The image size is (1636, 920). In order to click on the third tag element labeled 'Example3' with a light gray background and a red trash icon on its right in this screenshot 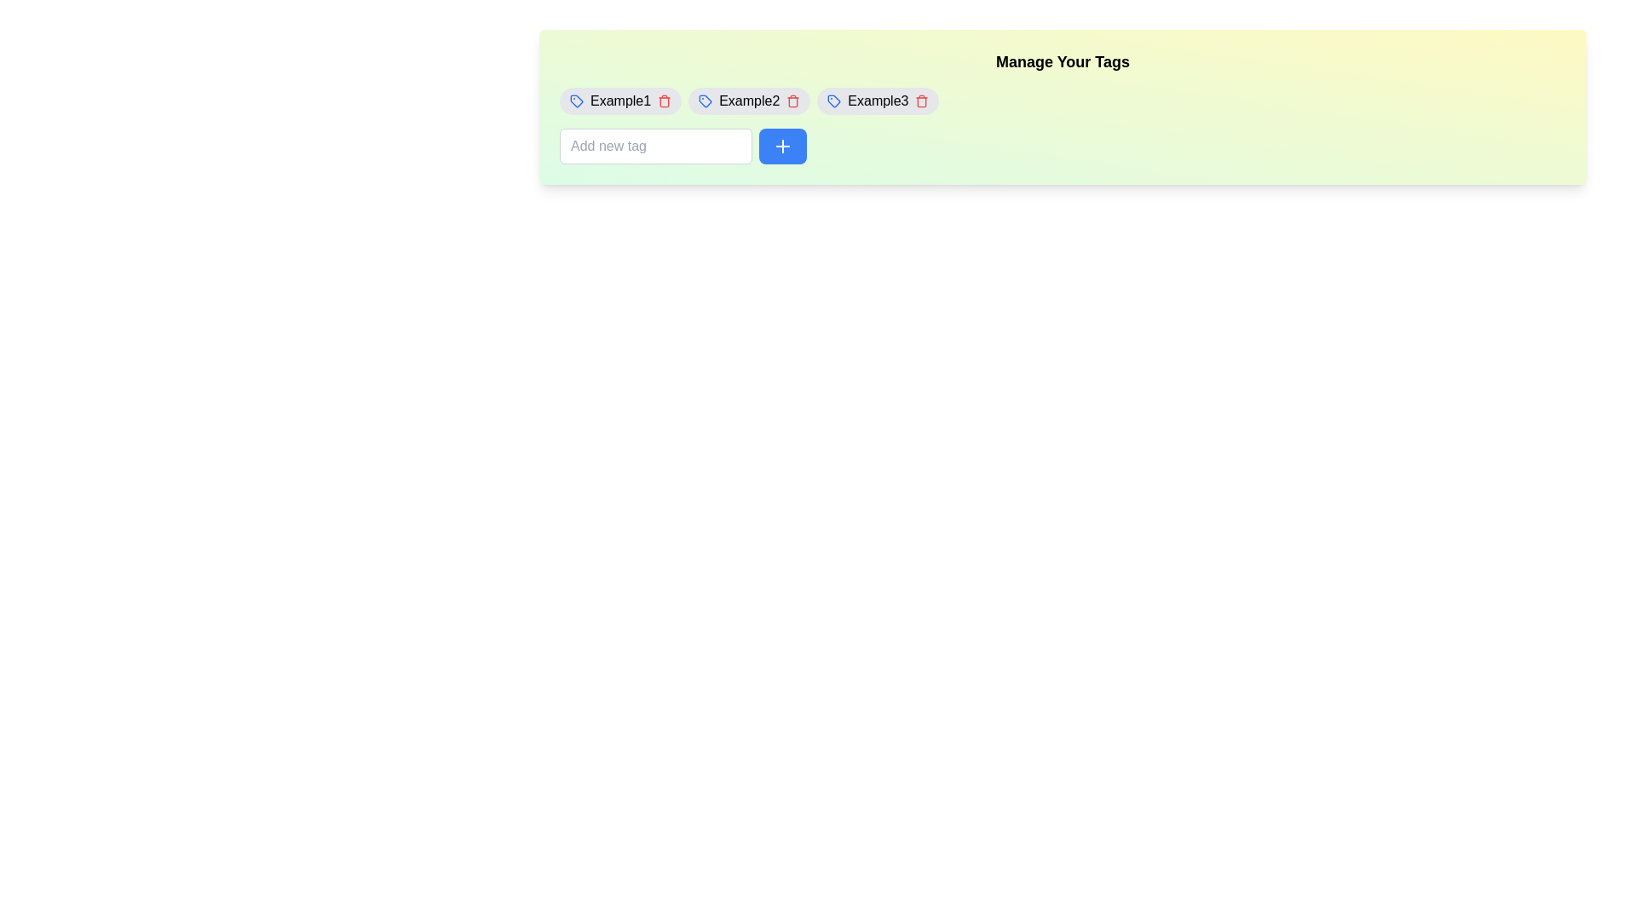, I will do `click(878, 101)`.